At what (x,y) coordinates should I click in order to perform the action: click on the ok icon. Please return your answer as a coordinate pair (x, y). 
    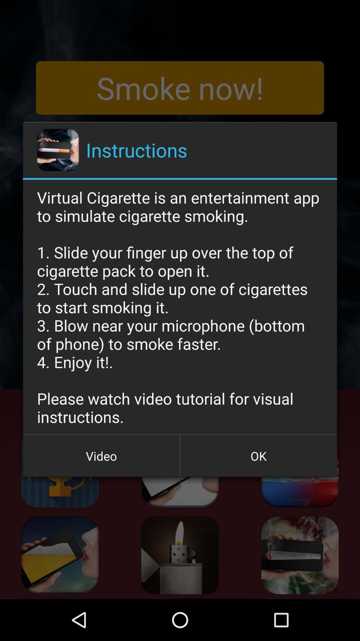
    Looking at the image, I should click on (258, 455).